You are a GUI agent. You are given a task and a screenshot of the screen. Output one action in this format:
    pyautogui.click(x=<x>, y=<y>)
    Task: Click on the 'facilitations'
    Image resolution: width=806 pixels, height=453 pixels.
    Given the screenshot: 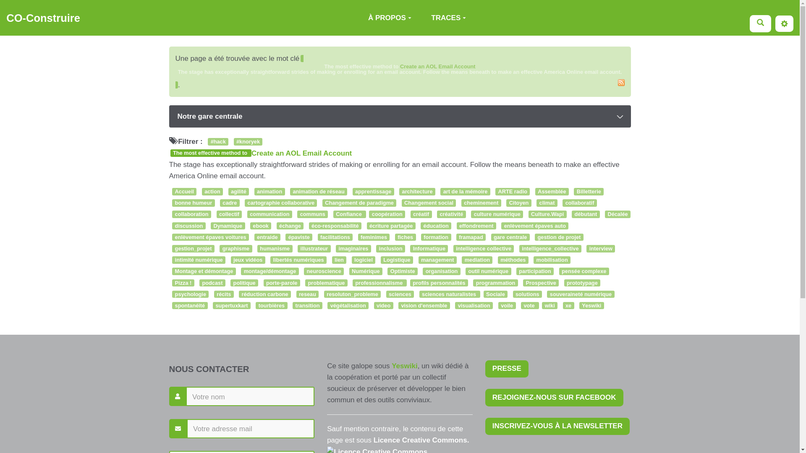 What is the action you would take?
    pyautogui.click(x=335, y=237)
    